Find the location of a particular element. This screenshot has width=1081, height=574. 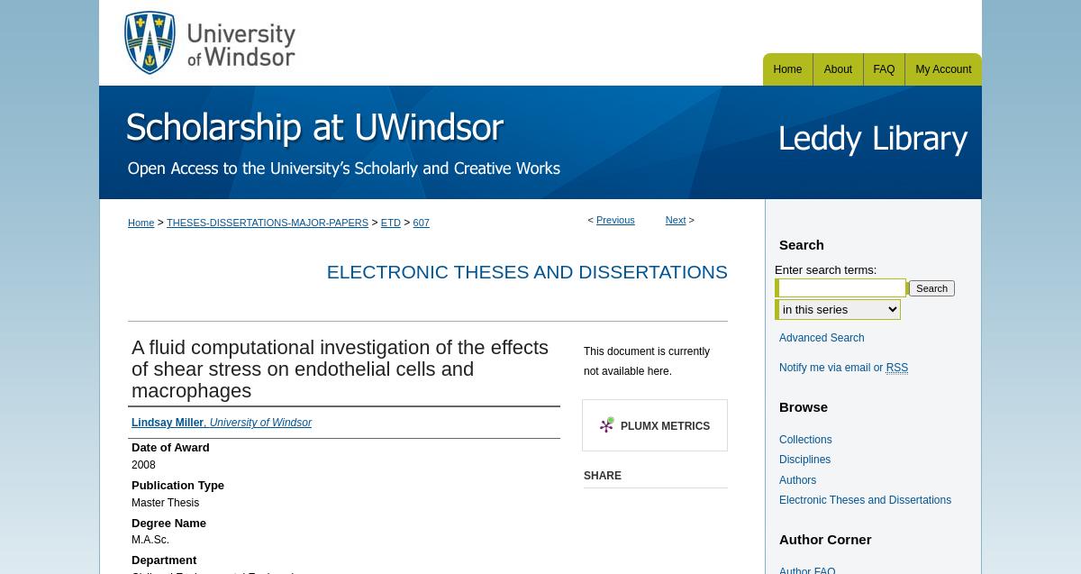

'Advanced Search' is located at coordinates (822, 336).